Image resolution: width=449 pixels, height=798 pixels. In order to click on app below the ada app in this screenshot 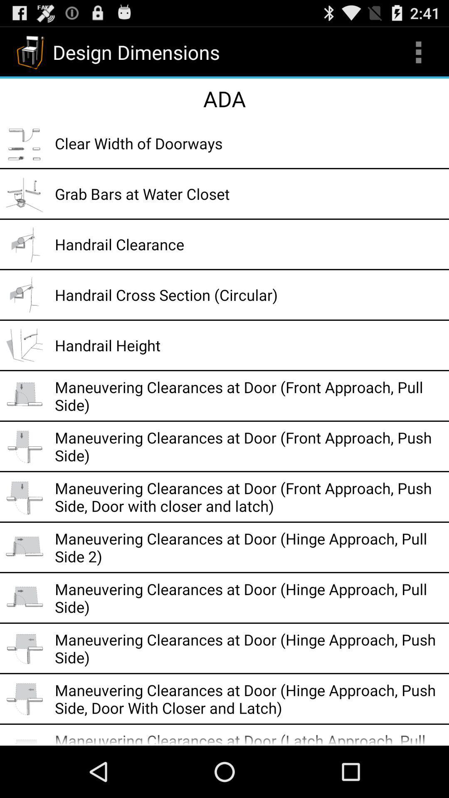, I will do `click(249, 143)`.